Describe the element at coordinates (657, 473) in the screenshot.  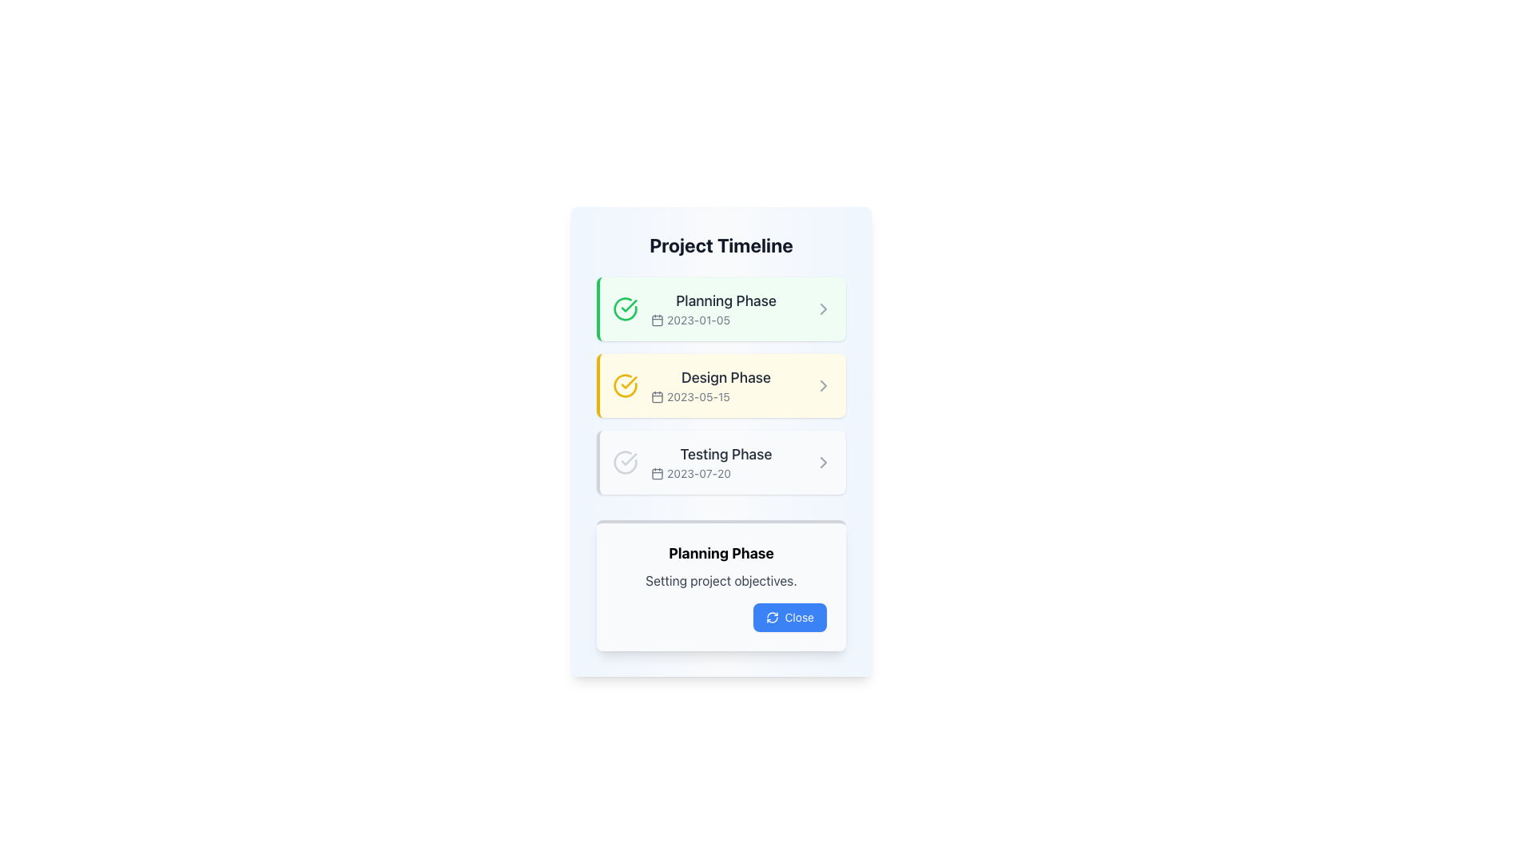
I see `the SVG graphical element that is part of the calendar icon associated with the date '2023-07-20' located in the 'Testing Phase' section of the timeline` at that location.